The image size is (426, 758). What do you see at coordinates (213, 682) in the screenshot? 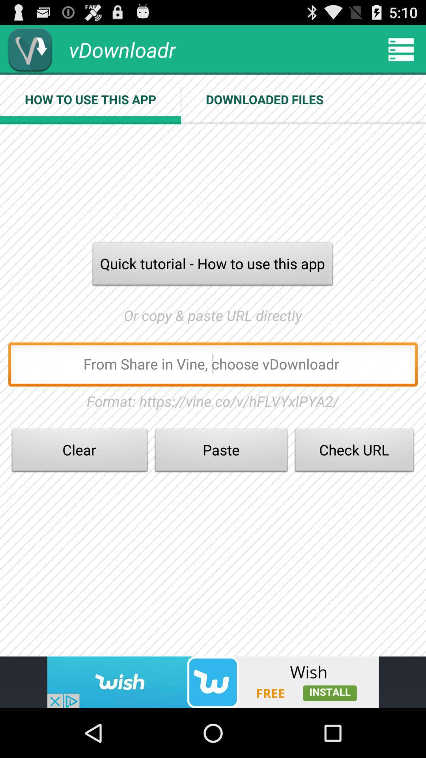
I see `details about advertisement` at bounding box center [213, 682].